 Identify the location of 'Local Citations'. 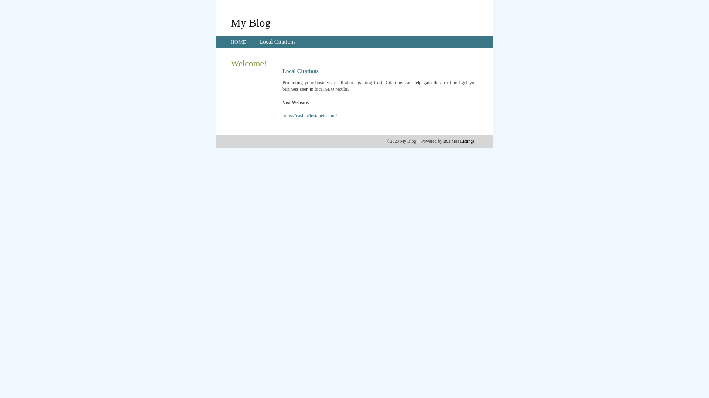
(277, 42).